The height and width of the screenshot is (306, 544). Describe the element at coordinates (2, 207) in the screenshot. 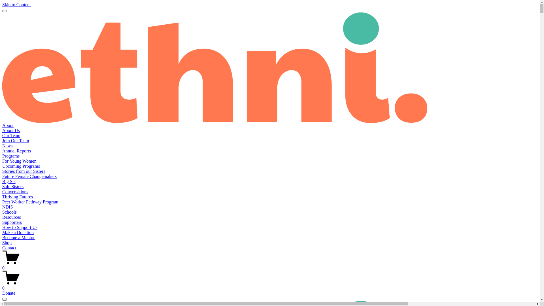

I see `'NDIS'` at that location.